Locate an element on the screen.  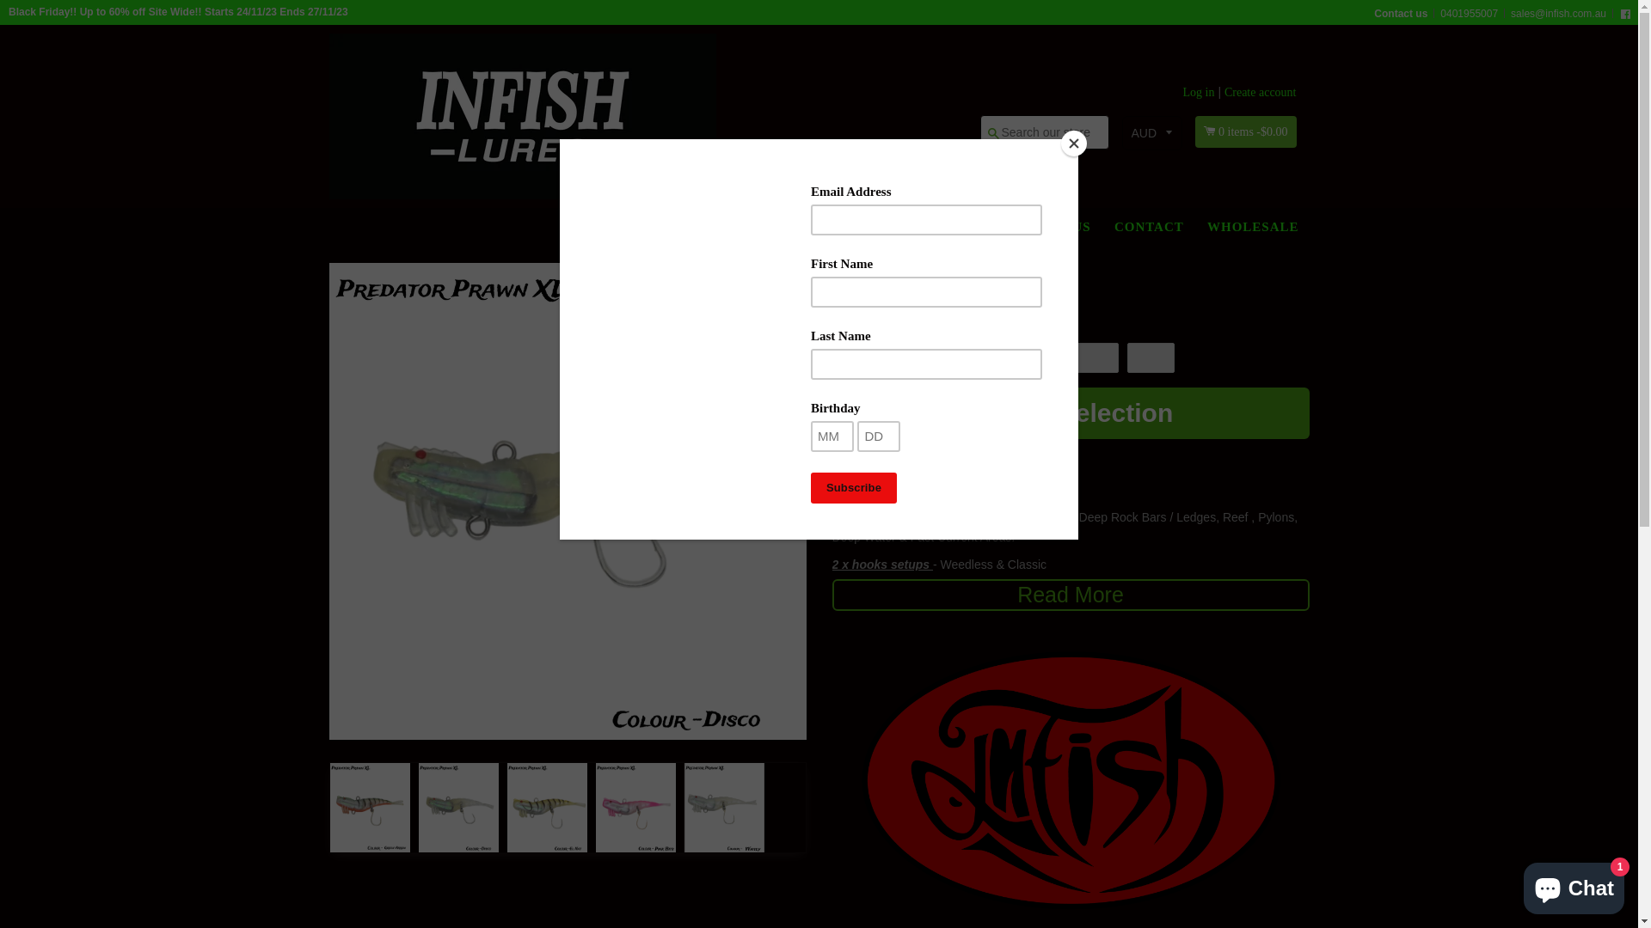
'CONTACT' is located at coordinates (1149, 225).